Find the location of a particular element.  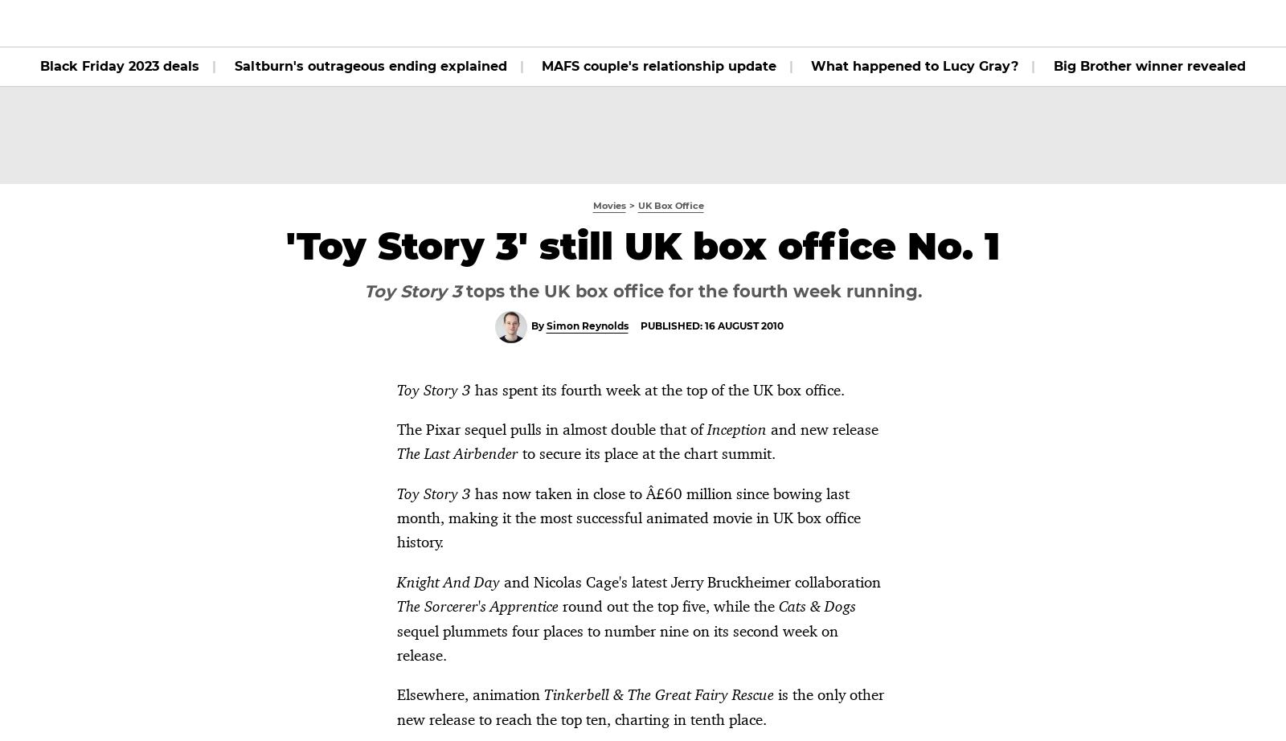

'Everest climbs to UK box office summit' is located at coordinates (272, 292).